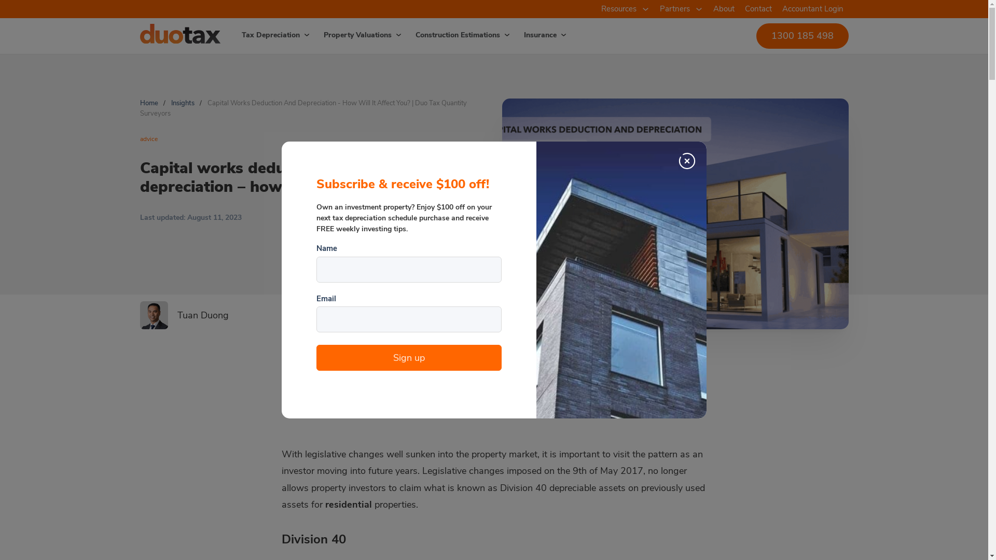  I want to click on 'Insurance', so click(534, 34).